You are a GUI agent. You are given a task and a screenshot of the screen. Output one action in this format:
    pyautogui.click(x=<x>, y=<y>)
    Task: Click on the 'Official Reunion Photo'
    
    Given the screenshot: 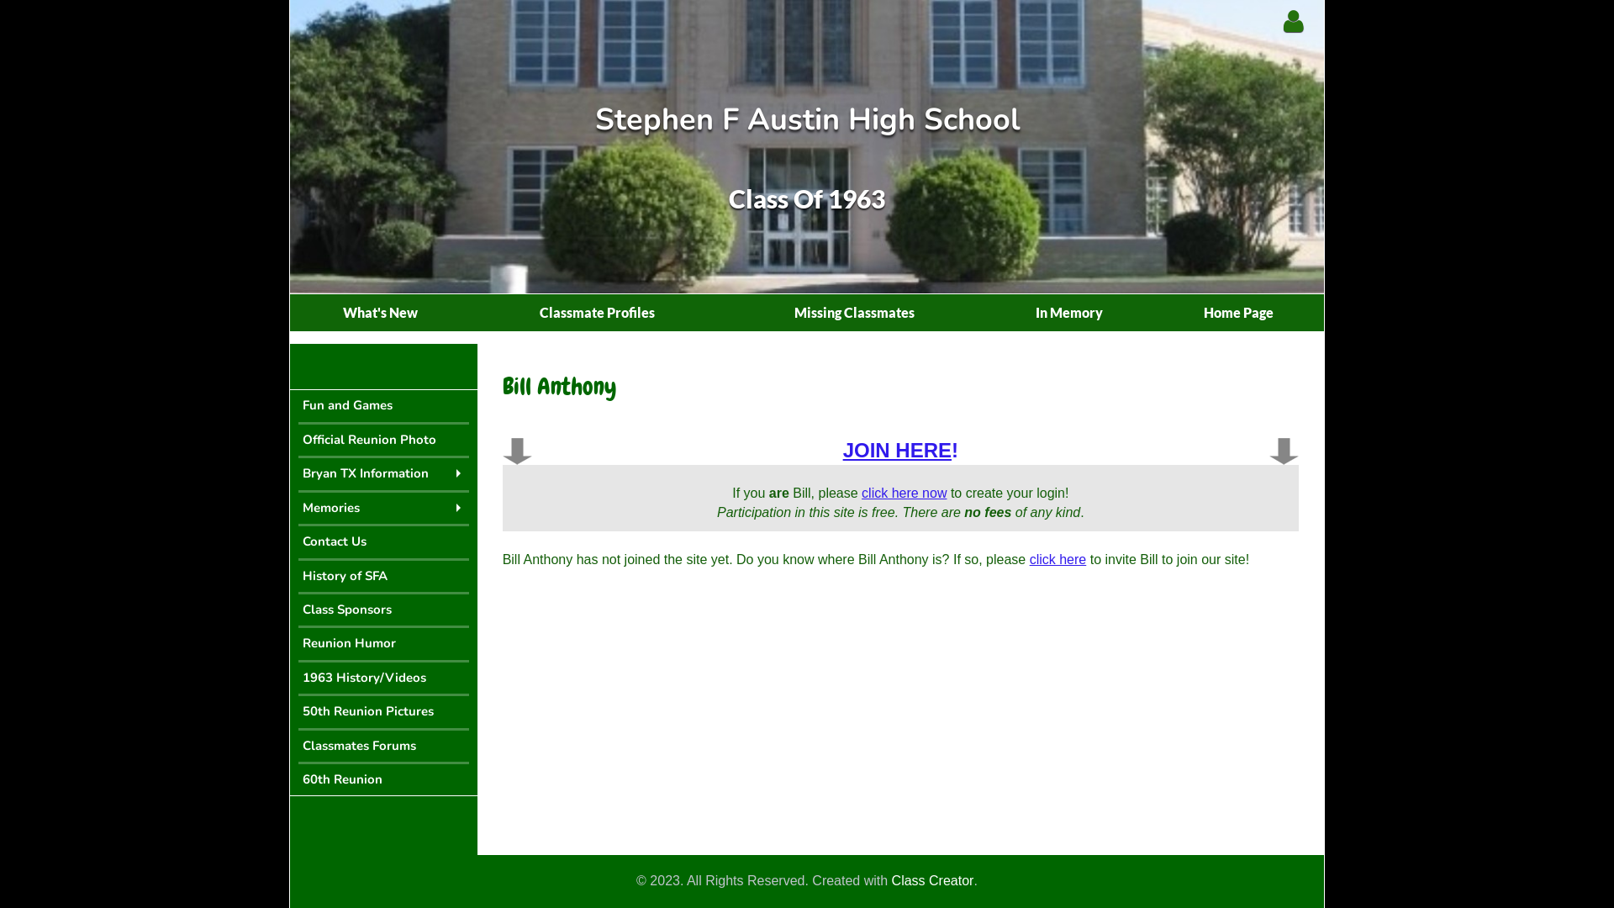 What is the action you would take?
    pyautogui.click(x=382, y=439)
    